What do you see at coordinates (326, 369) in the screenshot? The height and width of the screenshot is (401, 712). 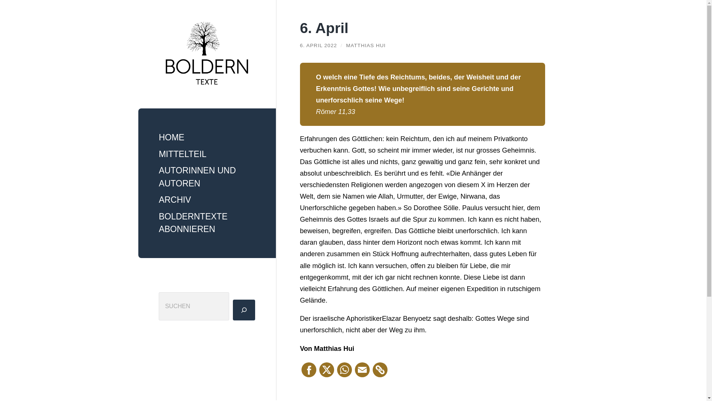 I see `'X (Twitter)'` at bounding box center [326, 369].